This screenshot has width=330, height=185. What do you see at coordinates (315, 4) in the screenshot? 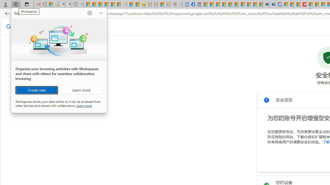
I see `'14 Common Myths Debunked By Scientific Facts'` at bounding box center [315, 4].